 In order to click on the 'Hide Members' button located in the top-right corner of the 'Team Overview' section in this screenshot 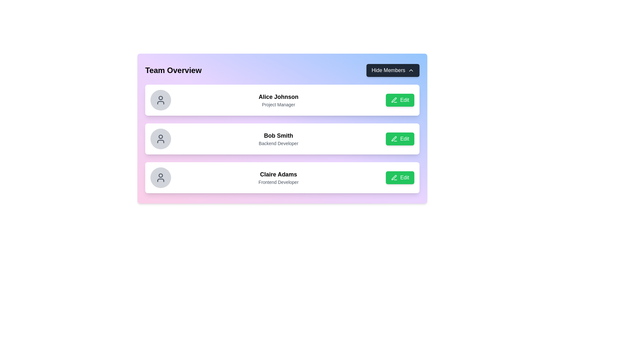, I will do `click(392, 70)`.